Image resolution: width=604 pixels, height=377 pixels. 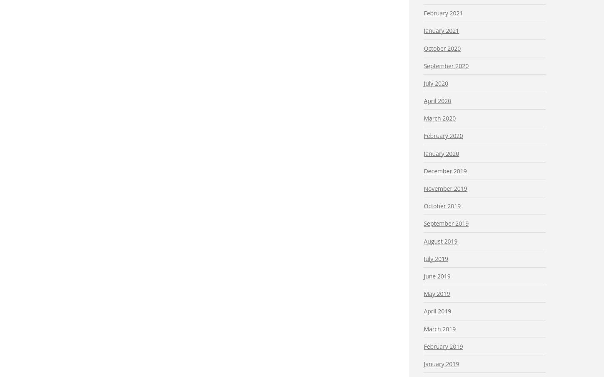 What do you see at coordinates (446, 223) in the screenshot?
I see `'September 2019'` at bounding box center [446, 223].